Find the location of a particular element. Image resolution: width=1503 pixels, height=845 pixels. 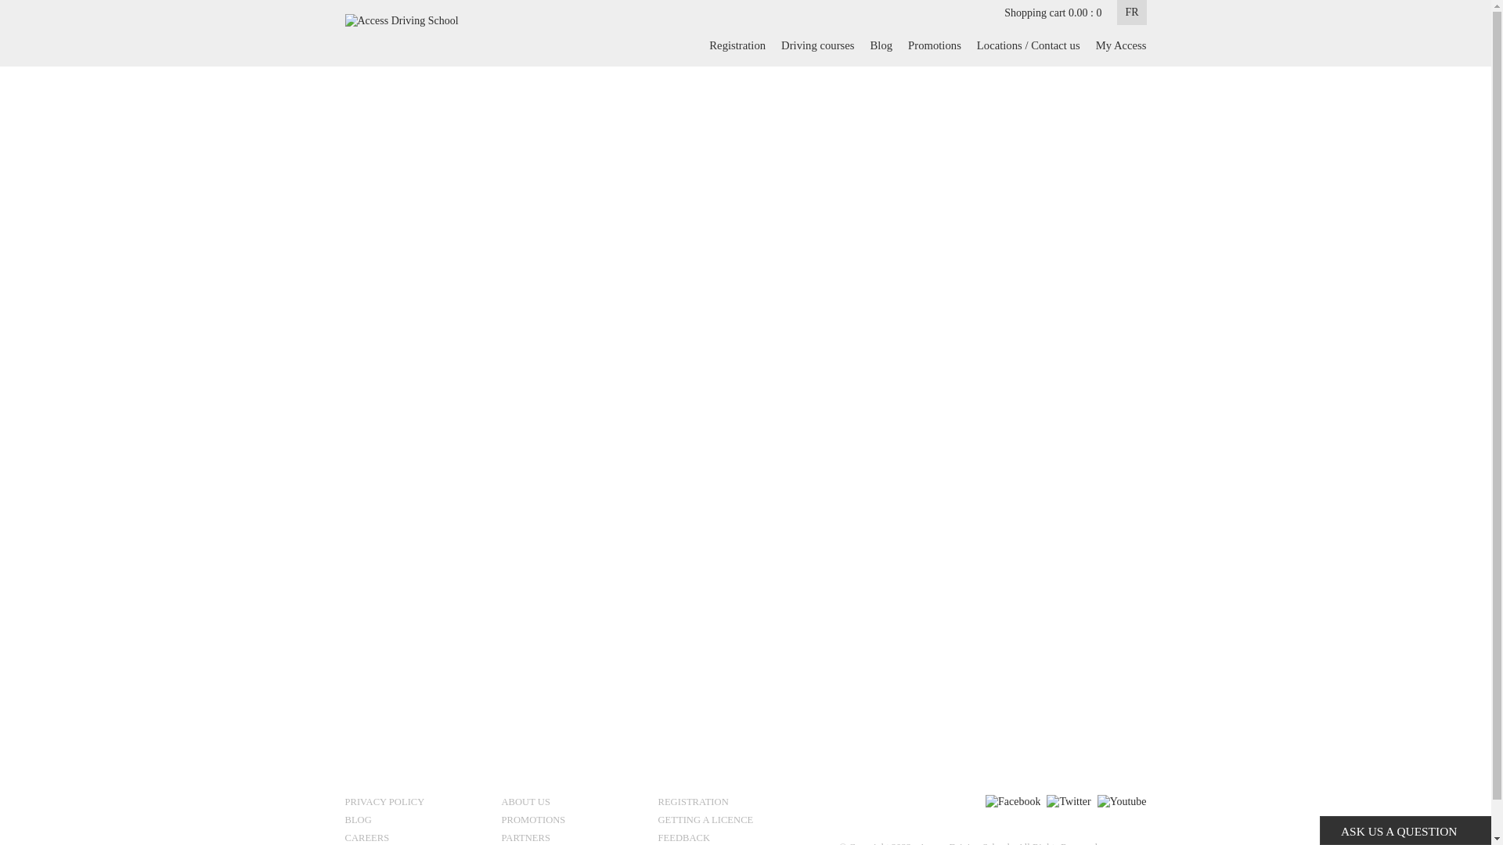

'Promotions' is located at coordinates (935, 44).